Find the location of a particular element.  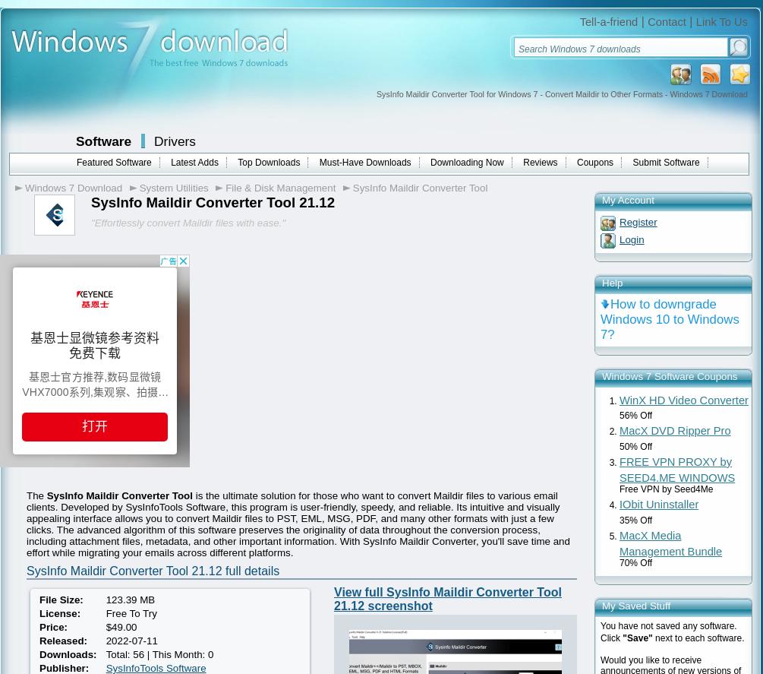

'Featured Software' is located at coordinates (114, 163).